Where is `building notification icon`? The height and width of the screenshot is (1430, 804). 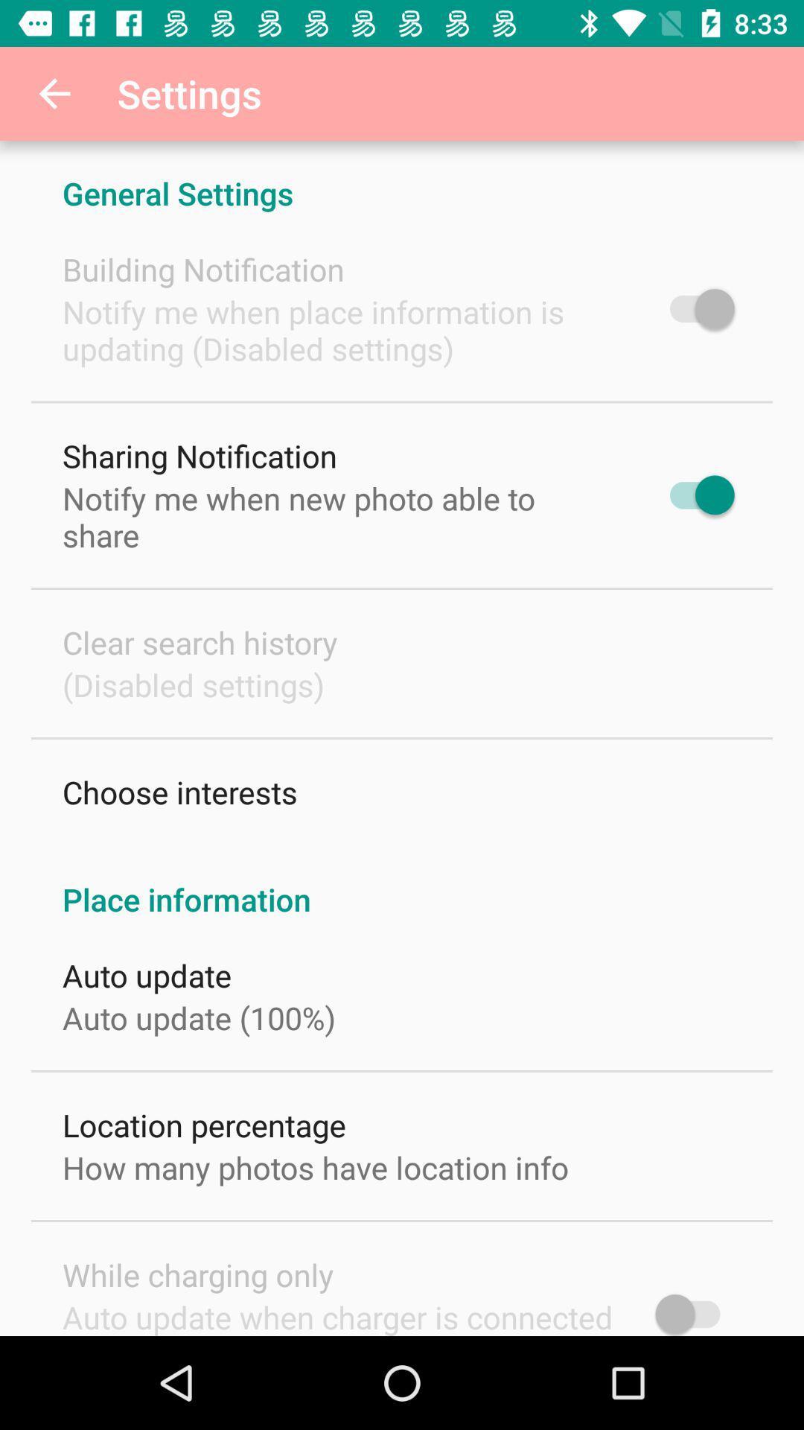
building notification icon is located at coordinates (203, 269).